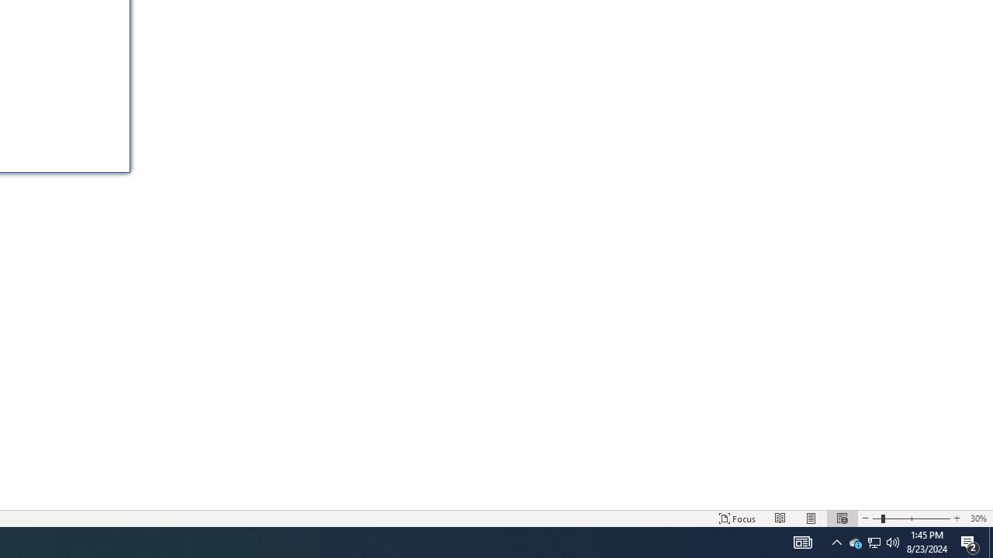 The width and height of the screenshot is (993, 558). I want to click on 'Zoom 30%', so click(977, 518).